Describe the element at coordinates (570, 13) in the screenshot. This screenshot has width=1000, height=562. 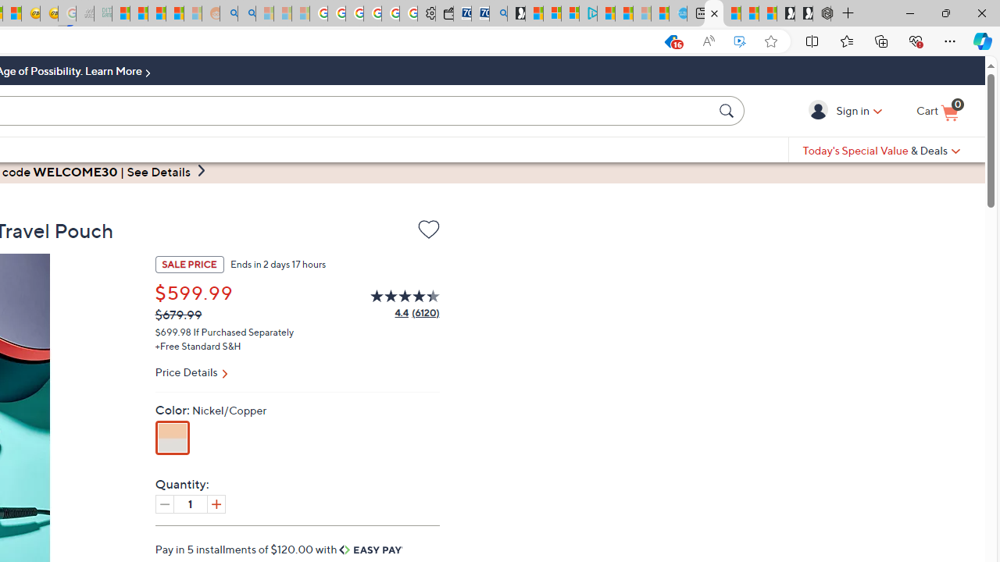
I see `'Microsoft account | Privacy'` at that location.